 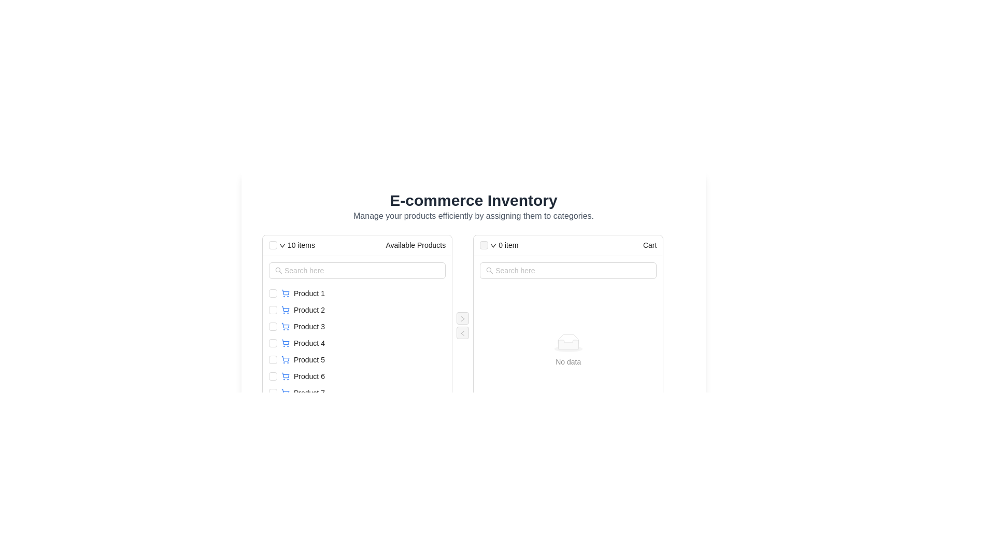 What do you see at coordinates (286, 375) in the screenshot?
I see `the vector graphic representing the option to add 'Product 6' to the shopping cart, which is located next to the product text` at bounding box center [286, 375].